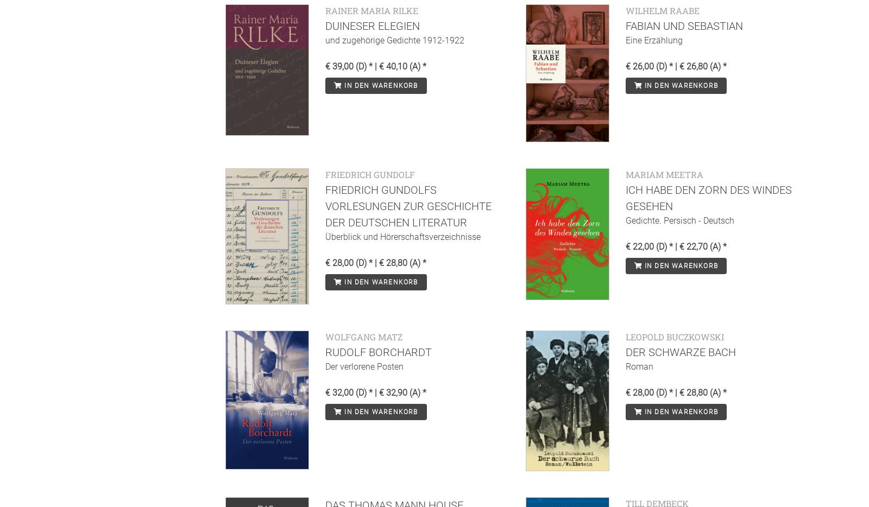 Image resolution: width=869 pixels, height=507 pixels. I want to click on 'und zugehörige Gedichte 1912-1922', so click(395, 40).